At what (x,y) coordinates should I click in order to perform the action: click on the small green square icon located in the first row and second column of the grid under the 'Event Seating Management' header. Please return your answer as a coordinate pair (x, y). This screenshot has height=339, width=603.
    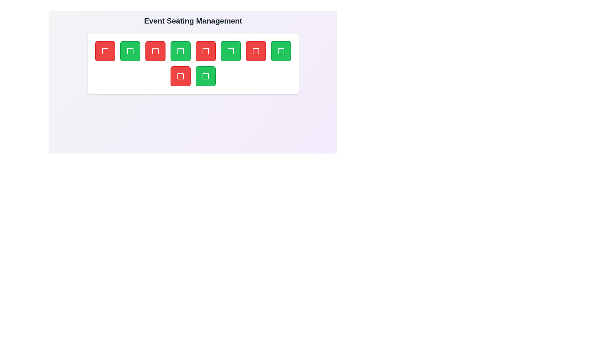
    Looking at the image, I should click on (130, 51).